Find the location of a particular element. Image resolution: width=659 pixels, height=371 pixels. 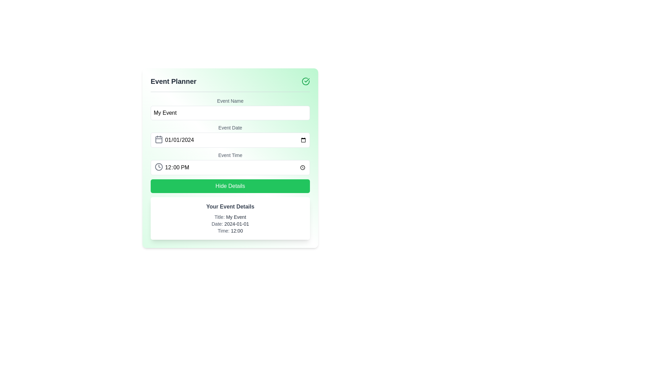

the 'My Event' text label located under the 'Title:' header is located at coordinates (236, 217).